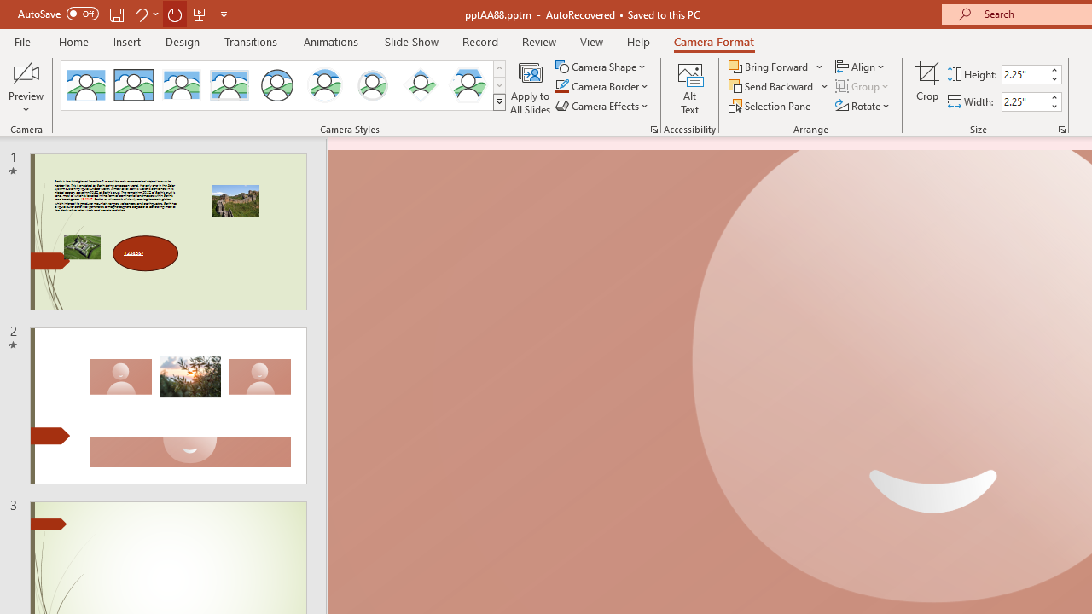 This screenshot has width=1092, height=614. Describe the element at coordinates (863, 106) in the screenshot. I see `'Rotate'` at that location.